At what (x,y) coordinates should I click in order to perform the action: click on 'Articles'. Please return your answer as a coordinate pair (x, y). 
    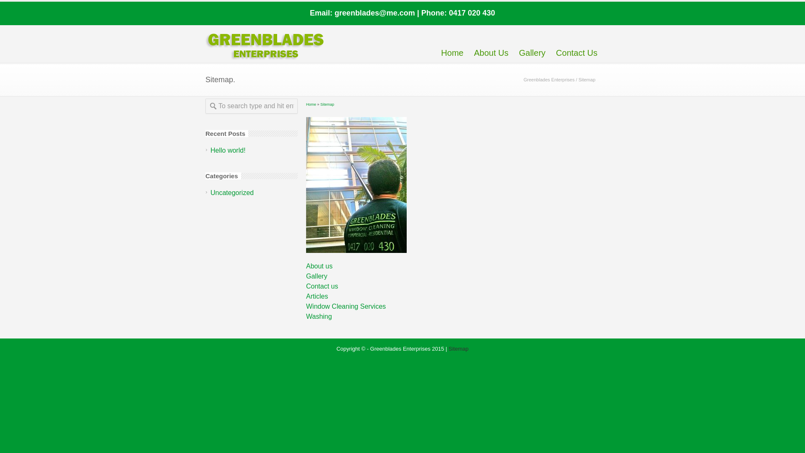
    Looking at the image, I should click on (316, 296).